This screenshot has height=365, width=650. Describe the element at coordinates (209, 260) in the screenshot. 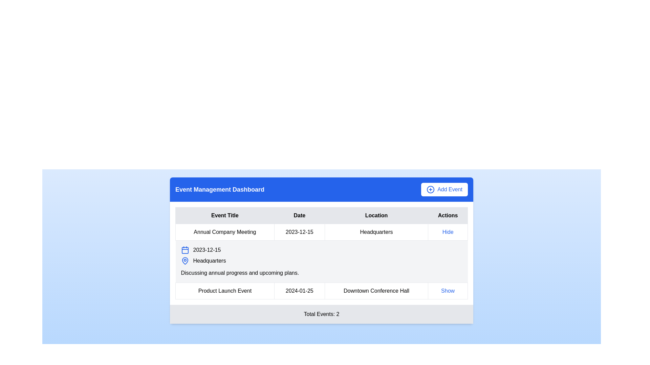

I see `the label displaying the location of the event in the 'Location' column of the 'Annual Company Meeting' row, which is found beneath a blue pin icon within a tabular layout` at that location.